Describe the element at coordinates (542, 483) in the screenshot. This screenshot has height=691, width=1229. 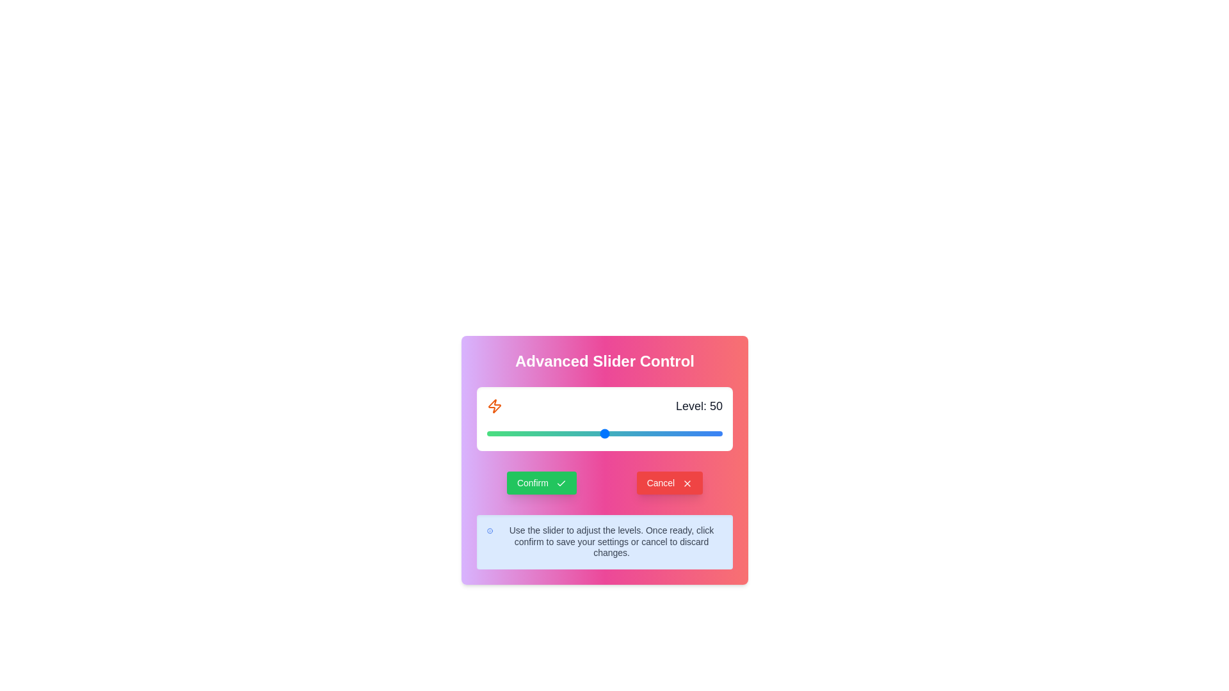
I see `the Confirm button to save the selected value` at that location.